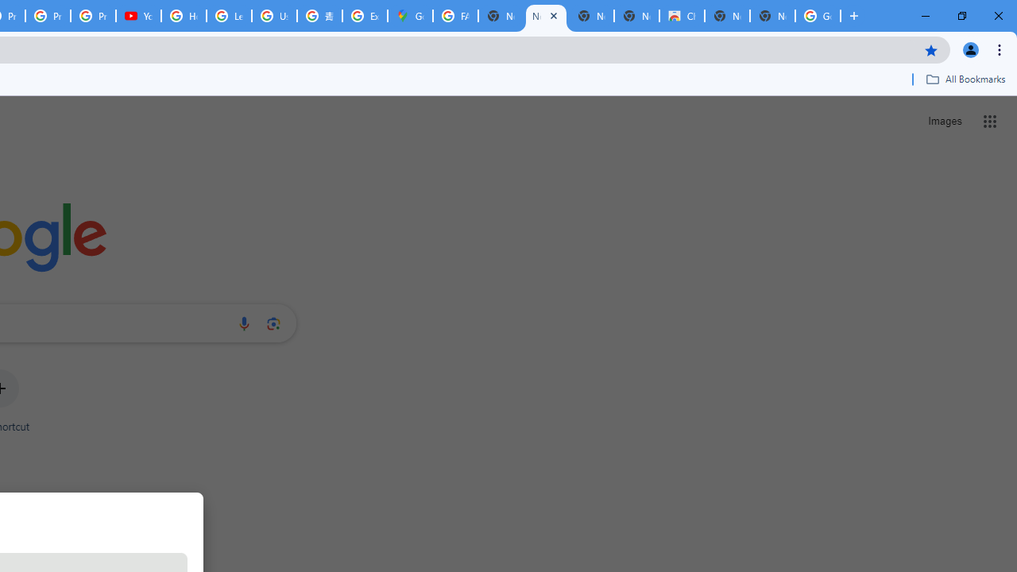 This screenshot has width=1017, height=572. What do you see at coordinates (138, 16) in the screenshot?
I see `'YouTube'` at bounding box center [138, 16].